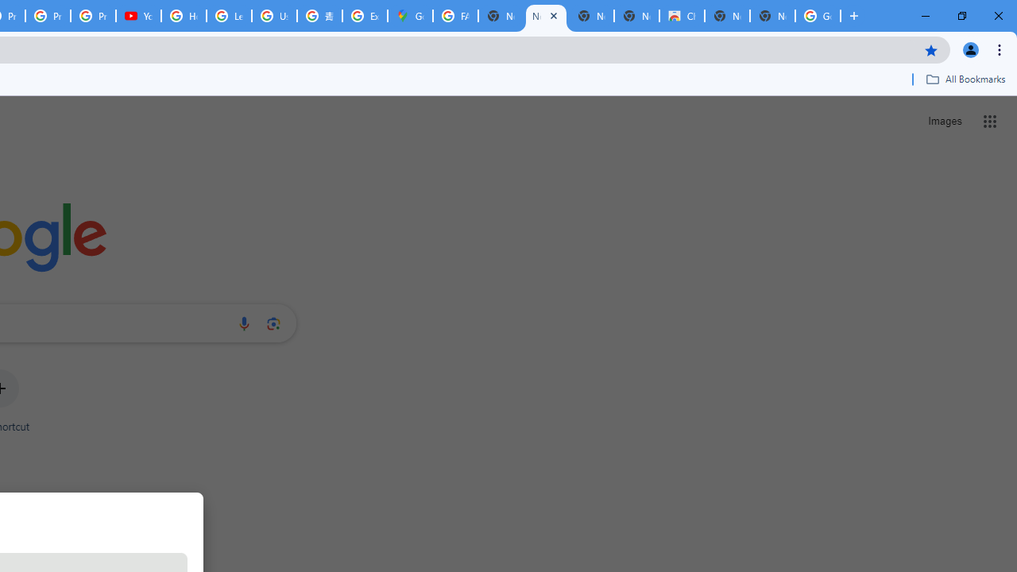 This screenshot has width=1017, height=572. What do you see at coordinates (138, 16) in the screenshot?
I see `'YouTube'` at bounding box center [138, 16].